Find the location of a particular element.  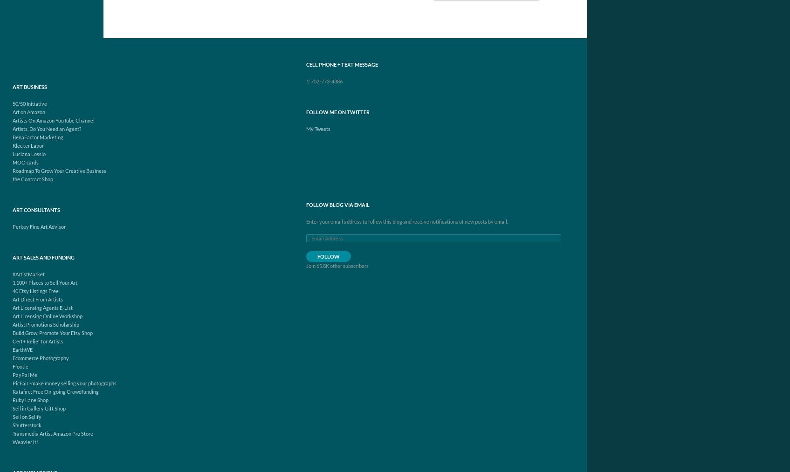

'the Contract Shop' is located at coordinates (32, 179).